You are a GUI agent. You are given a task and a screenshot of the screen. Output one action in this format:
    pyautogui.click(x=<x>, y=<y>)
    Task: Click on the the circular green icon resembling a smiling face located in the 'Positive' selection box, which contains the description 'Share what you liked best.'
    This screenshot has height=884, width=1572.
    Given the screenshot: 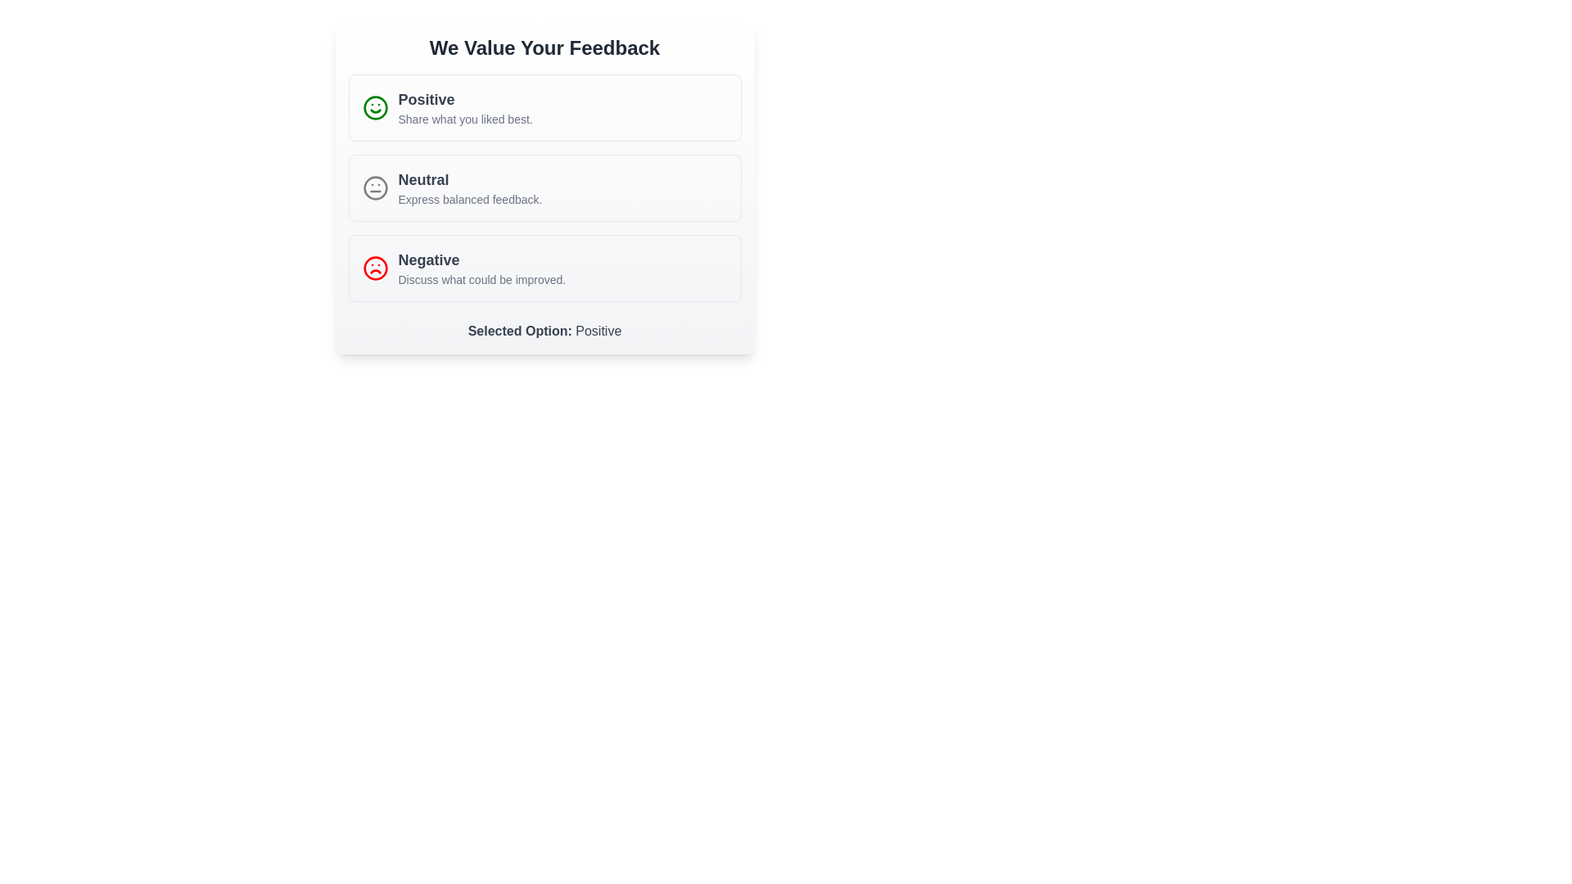 What is the action you would take?
    pyautogui.click(x=374, y=107)
    